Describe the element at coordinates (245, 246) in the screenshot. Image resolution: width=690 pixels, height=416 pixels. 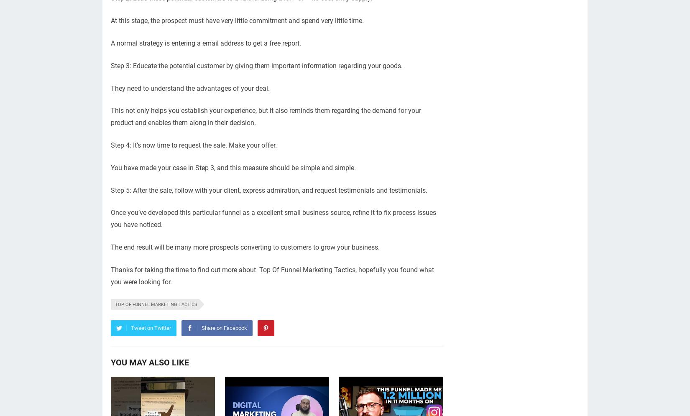
I see `'The end result will be many more prospects converting to customers to grow your business.'` at that location.